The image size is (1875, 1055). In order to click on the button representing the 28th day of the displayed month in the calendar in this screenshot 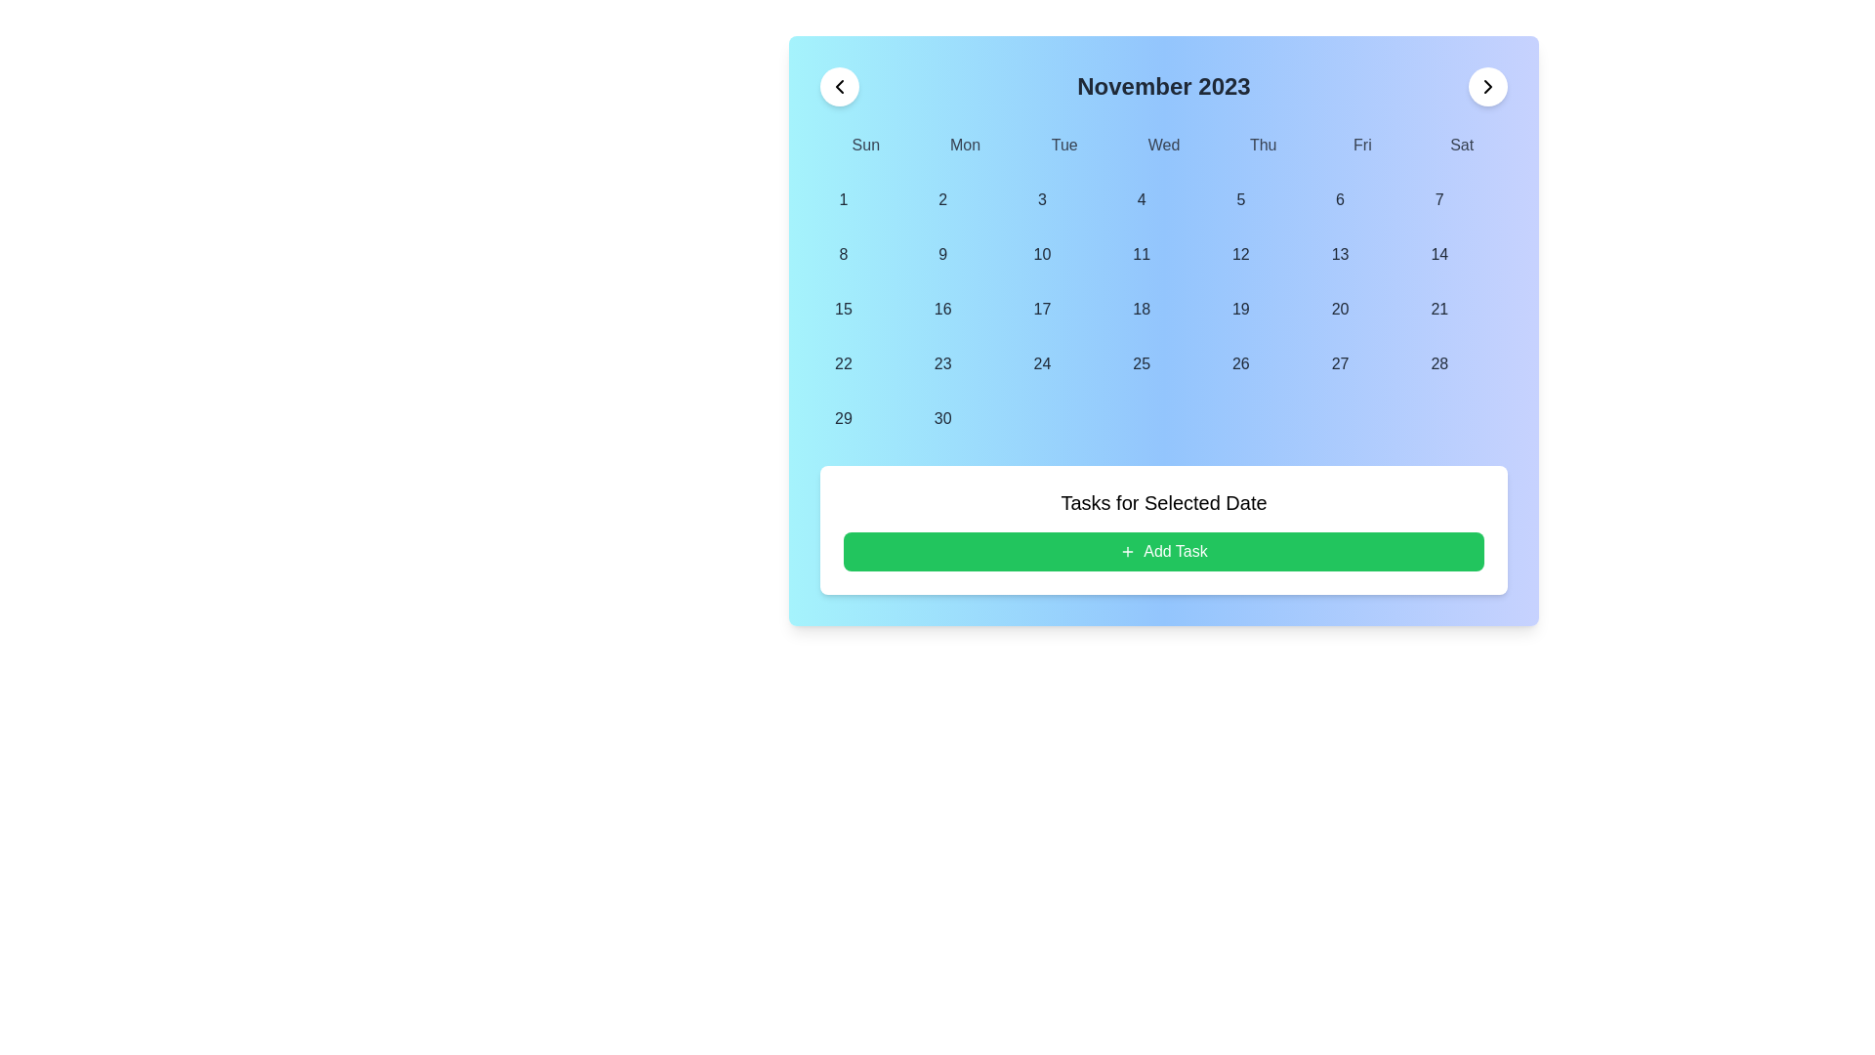, I will do `click(1439, 364)`.